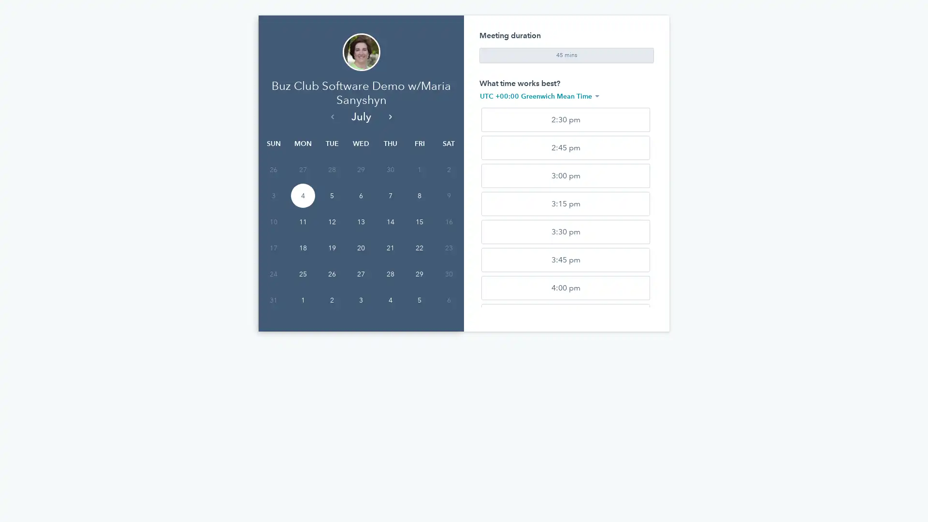 This screenshot has width=928, height=522. I want to click on July 3rd, so click(273, 232).